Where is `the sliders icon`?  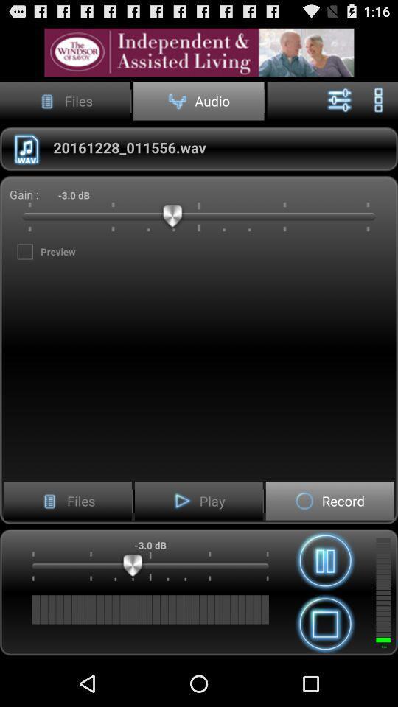 the sliders icon is located at coordinates (340, 106).